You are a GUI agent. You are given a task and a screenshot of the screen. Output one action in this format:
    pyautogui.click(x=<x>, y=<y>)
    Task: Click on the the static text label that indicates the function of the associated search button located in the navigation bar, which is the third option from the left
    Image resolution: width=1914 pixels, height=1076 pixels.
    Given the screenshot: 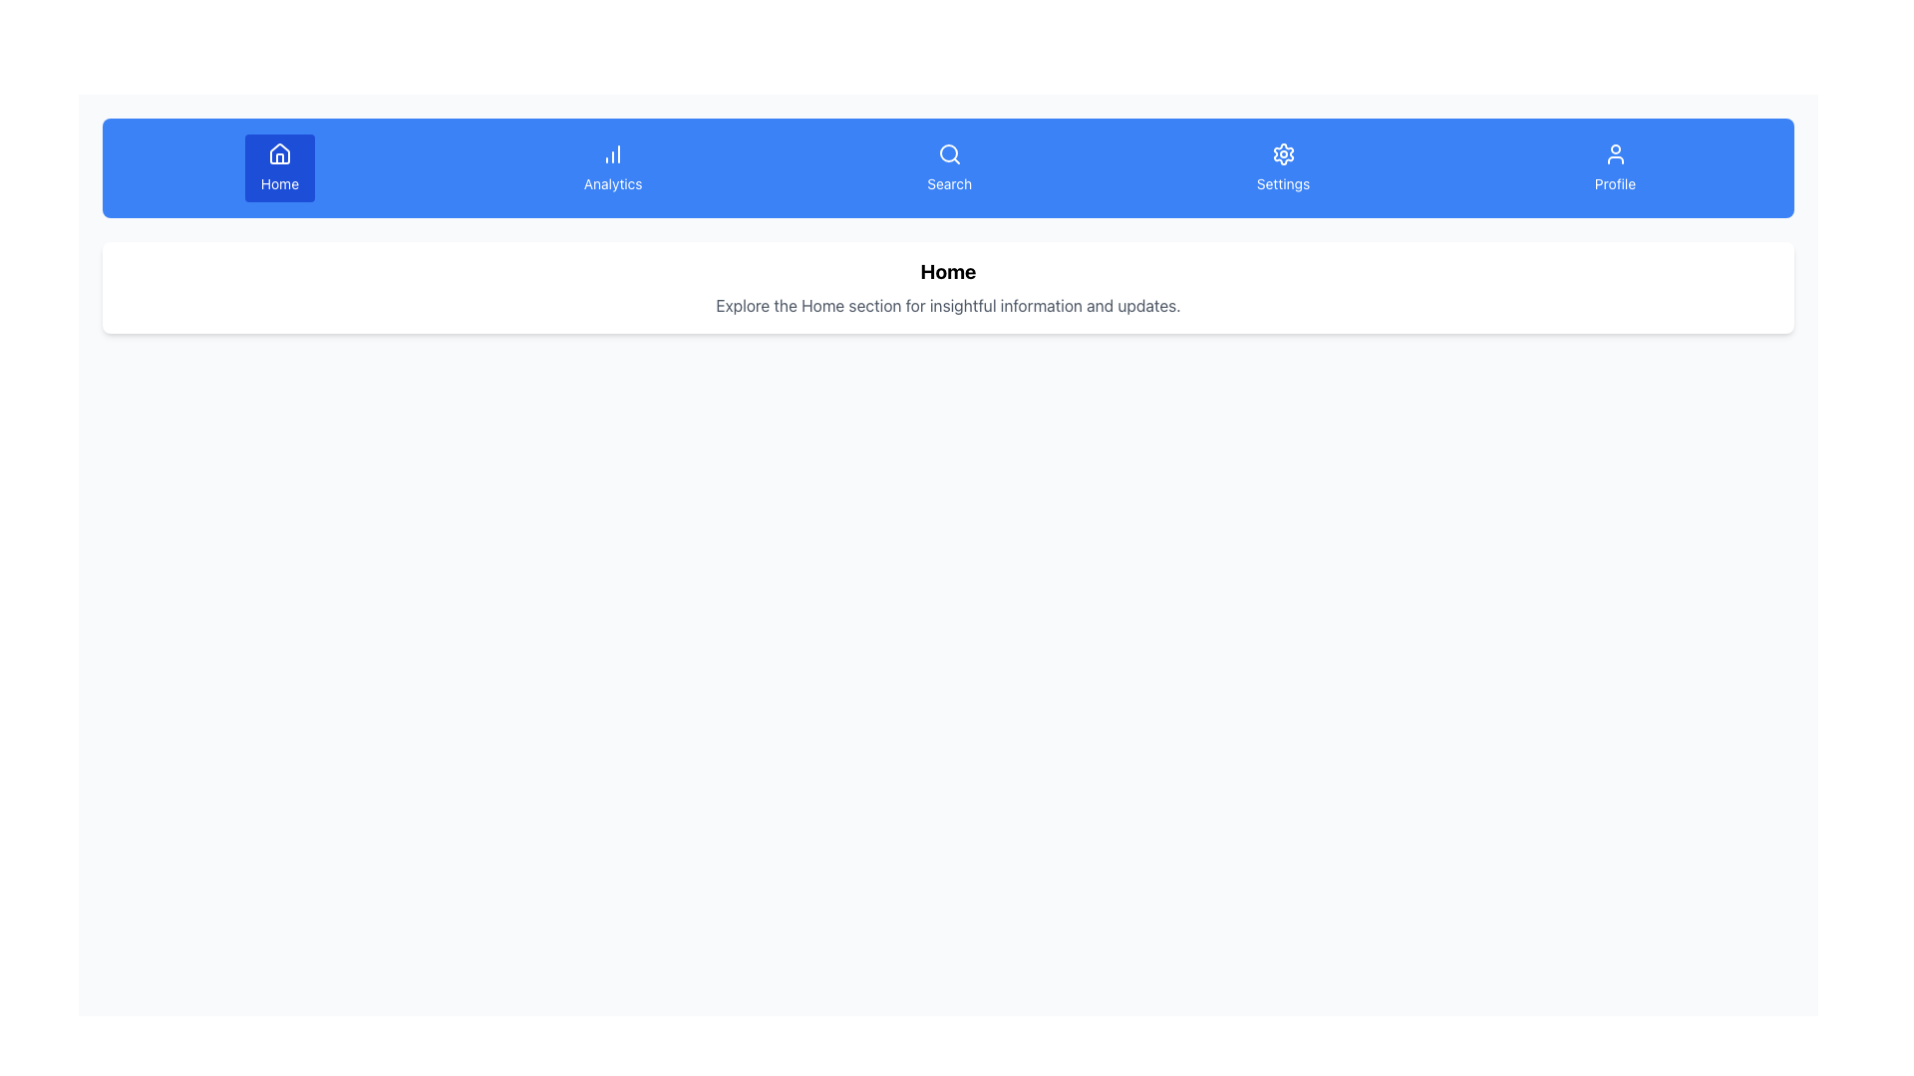 What is the action you would take?
    pyautogui.click(x=948, y=184)
    